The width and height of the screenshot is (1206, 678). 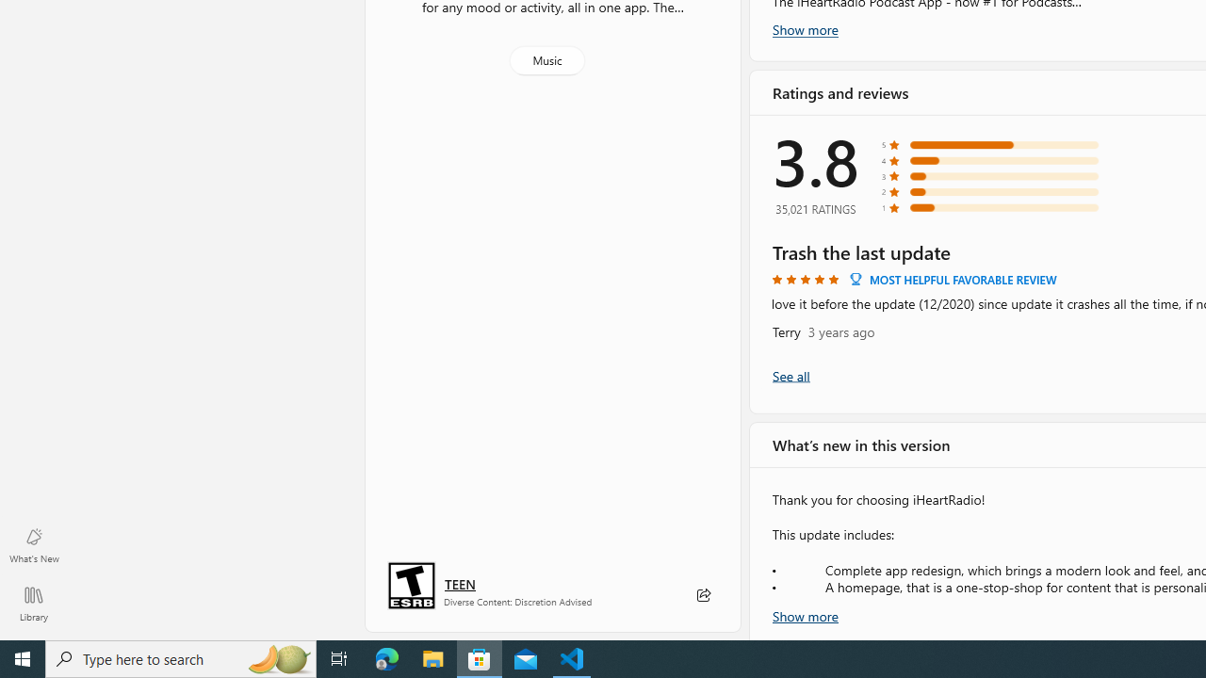 What do you see at coordinates (790, 375) in the screenshot?
I see `'Show all ratings and reviews'` at bounding box center [790, 375].